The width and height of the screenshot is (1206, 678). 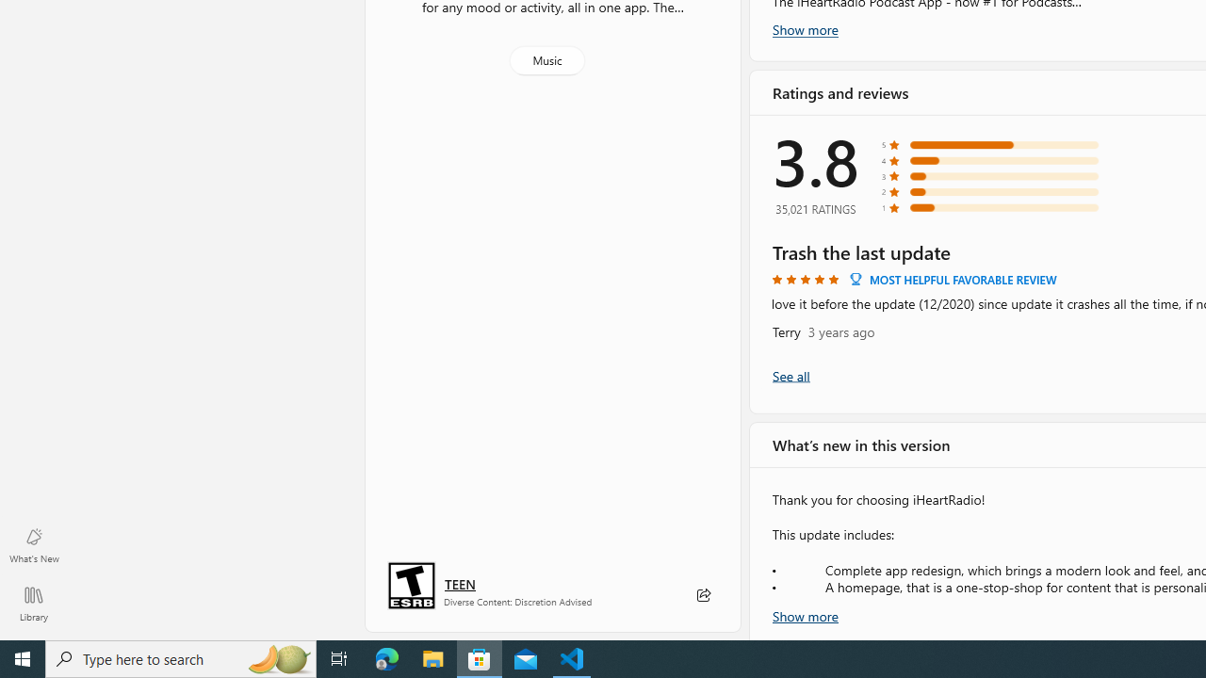 What do you see at coordinates (790, 375) in the screenshot?
I see `'Show all ratings and reviews'` at bounding box center [790, 375].